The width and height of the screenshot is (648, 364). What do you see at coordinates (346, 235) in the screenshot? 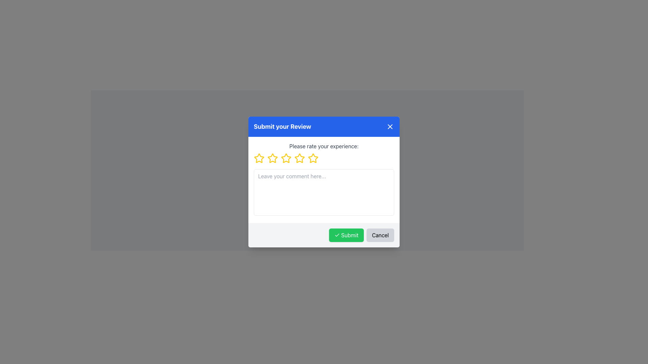
I see `the green 'Submit' button with rounded corners` at bounding box center [346, 235].